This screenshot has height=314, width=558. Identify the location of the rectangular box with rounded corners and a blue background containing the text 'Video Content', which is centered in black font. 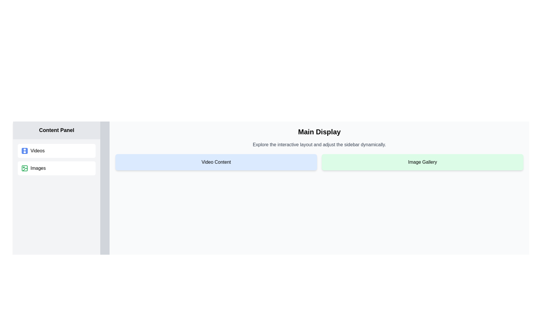
(216, 162).